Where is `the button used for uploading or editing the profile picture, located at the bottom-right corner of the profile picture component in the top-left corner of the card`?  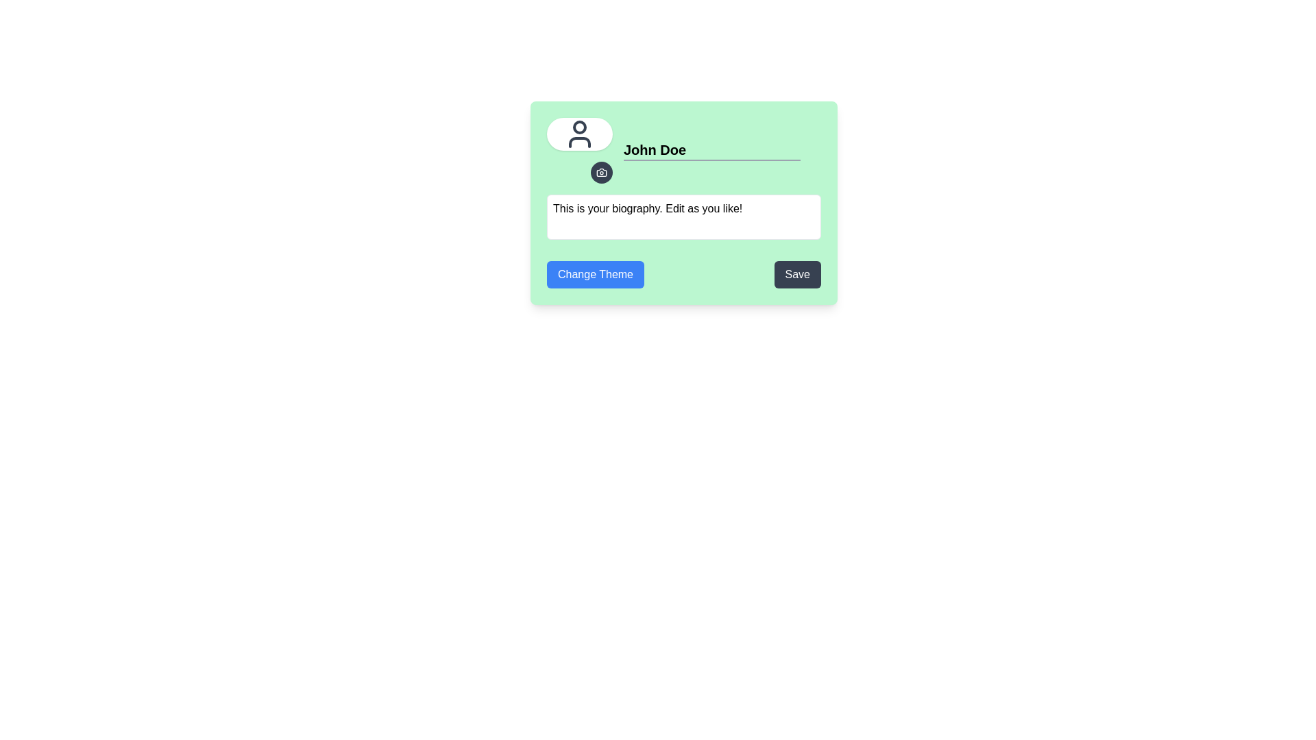 the button used for uploading or editing the profile picture, located at the bottom-right corner of the profile picture component in the top-left corner of the card is located at coordinates (602, 171).